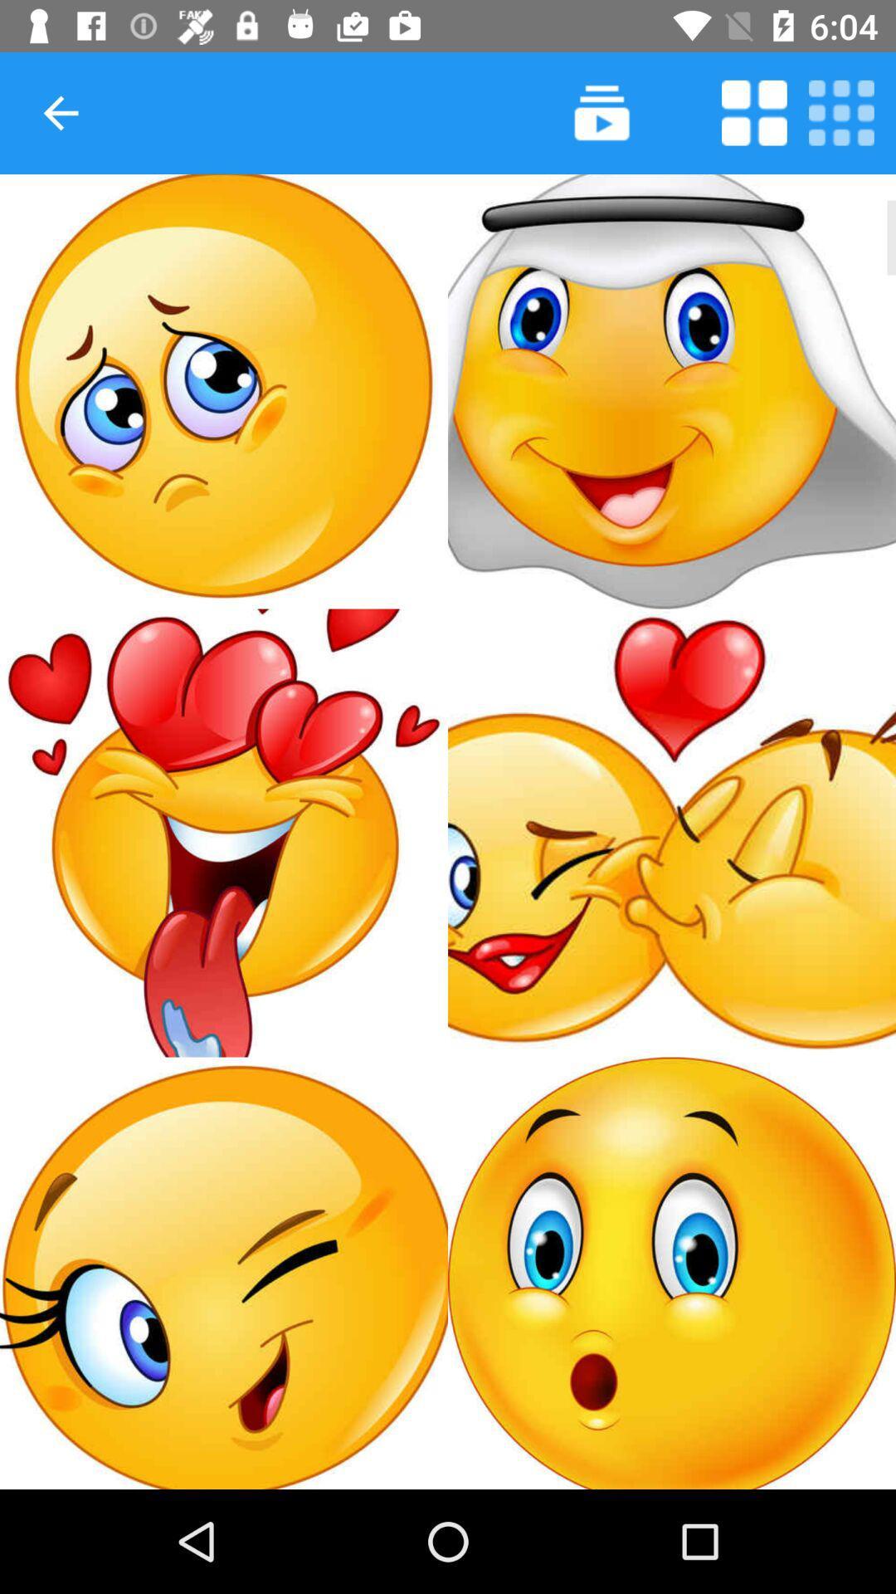 This screenshot has height=1594, width=896. I want to click on show four squares per page, so click(754, 112).